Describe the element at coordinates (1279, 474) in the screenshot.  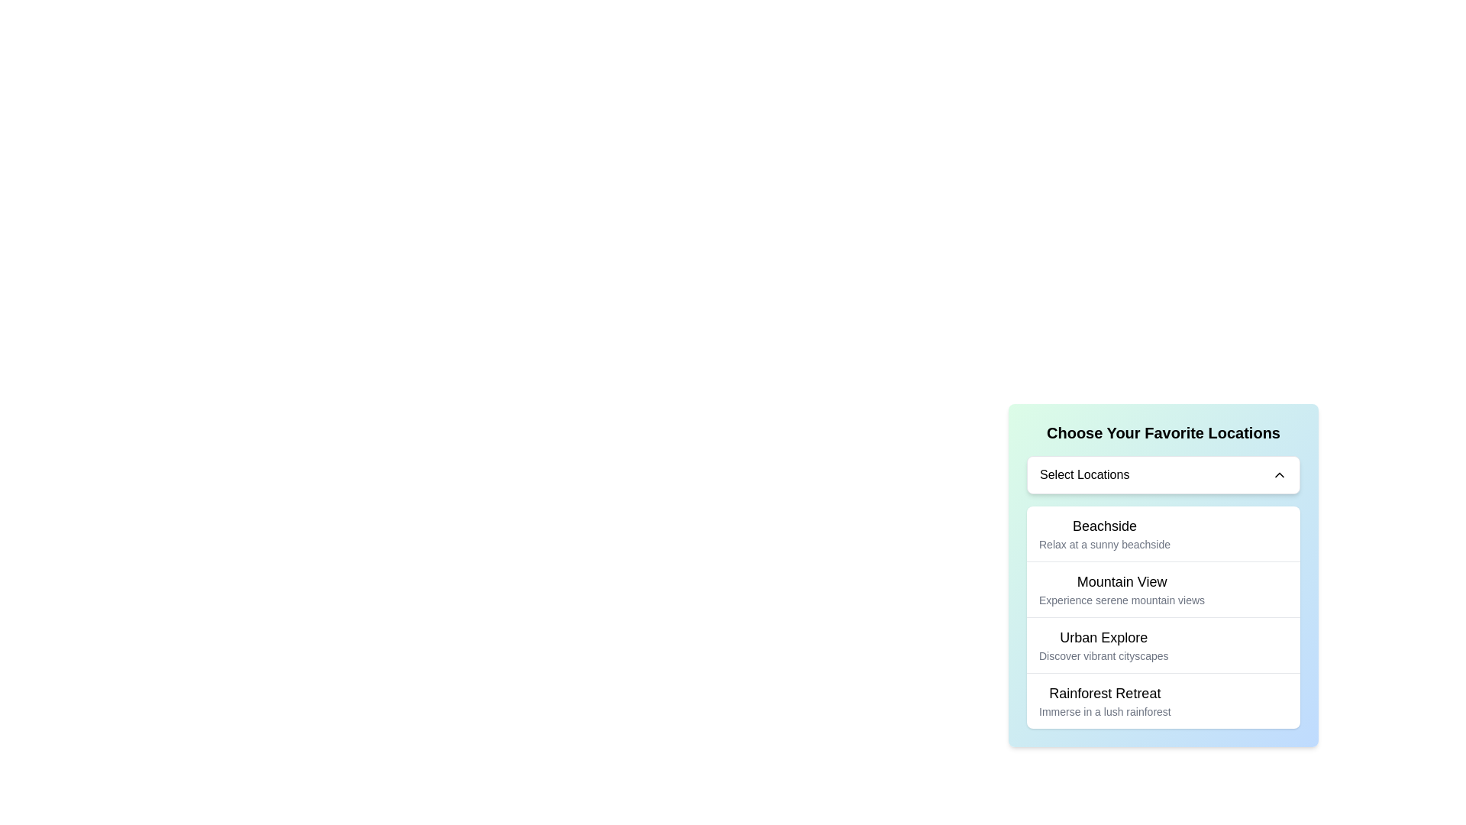
I see `the dropdown toggle icon located on the rightmost side of the 'Select Locations' section` at that location.